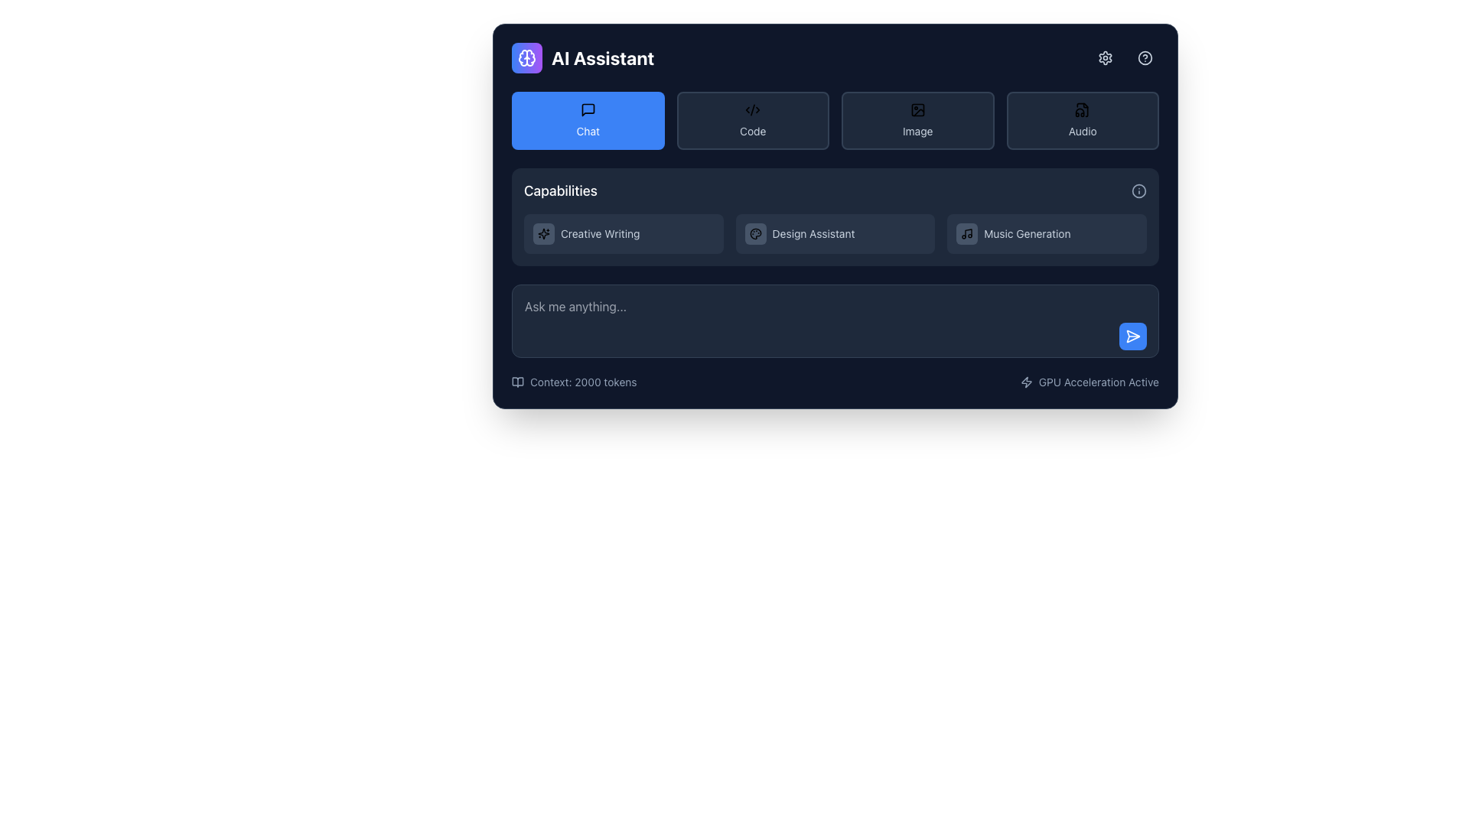 This screenshot has width=1469, height=826. I want to click on the help icon button located in the top-right corner of the user interface, so click(1145, 57).